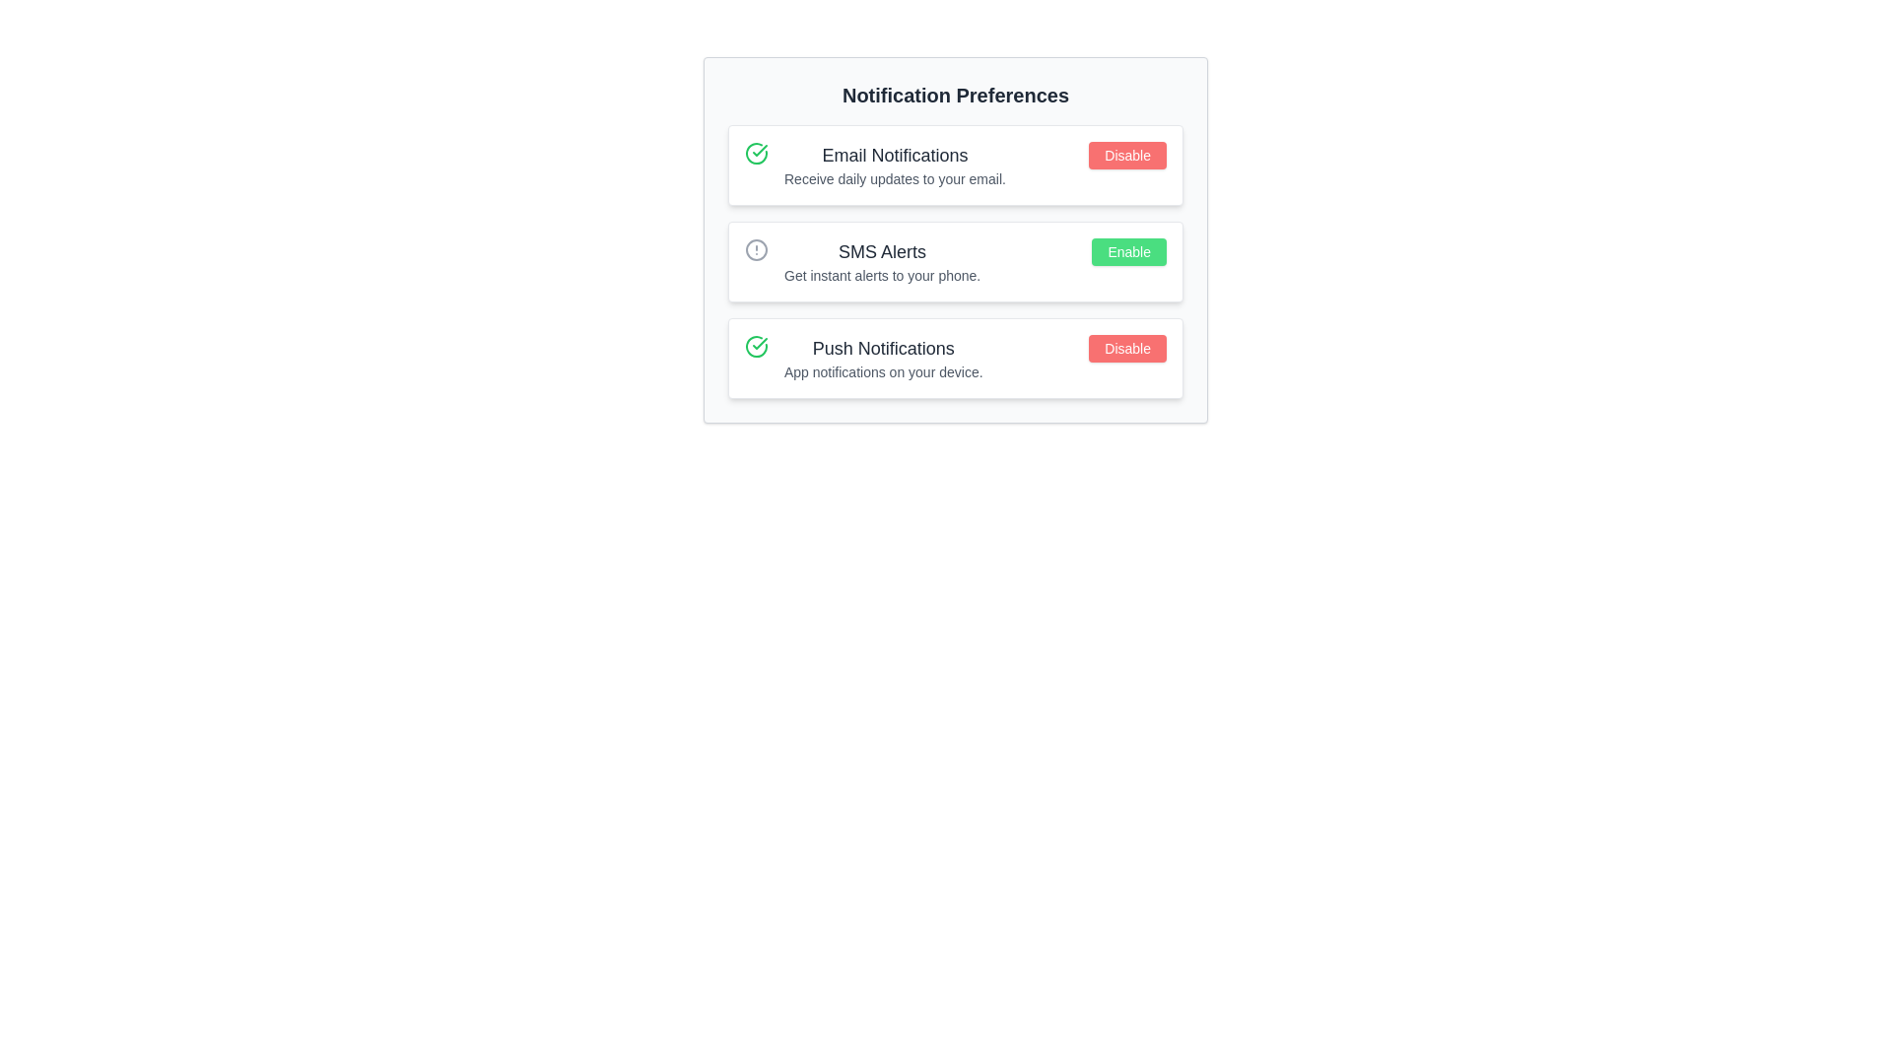 The width and height of the screenshot is (1892, 1064). I want to click on text content of the Notification card for email updates, which is the first card in the stack and indicates its enabled status with a green checkmark and a 'Disable' button, so click(955, 165).